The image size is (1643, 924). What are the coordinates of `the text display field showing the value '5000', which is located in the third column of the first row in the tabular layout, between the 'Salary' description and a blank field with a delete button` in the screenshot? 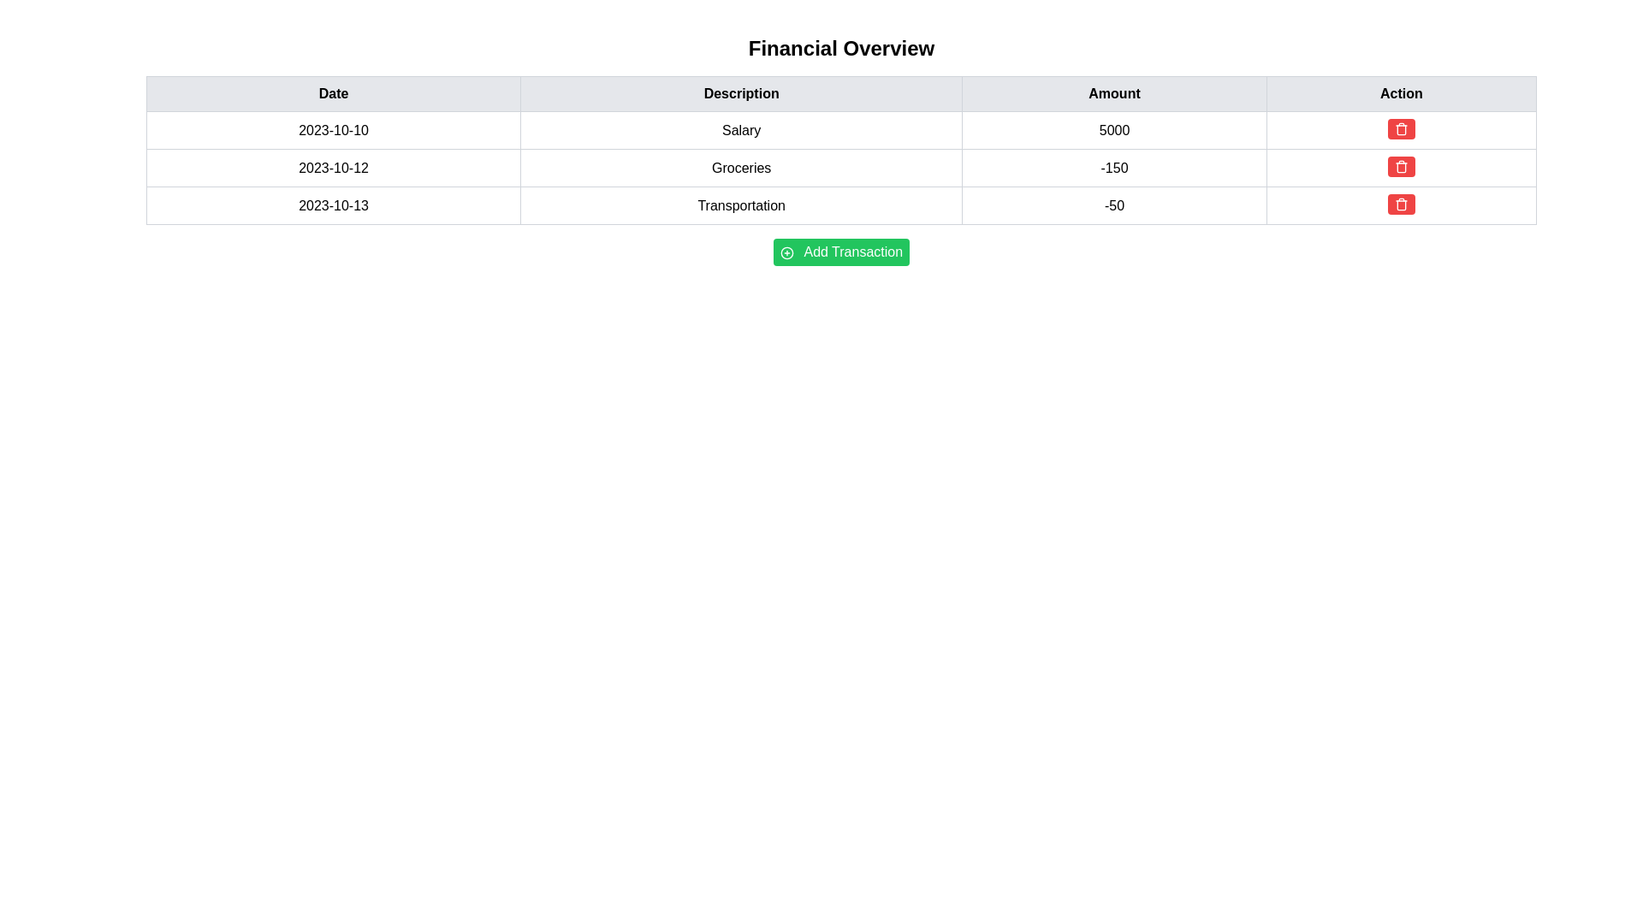 It's located at (1114, 129).